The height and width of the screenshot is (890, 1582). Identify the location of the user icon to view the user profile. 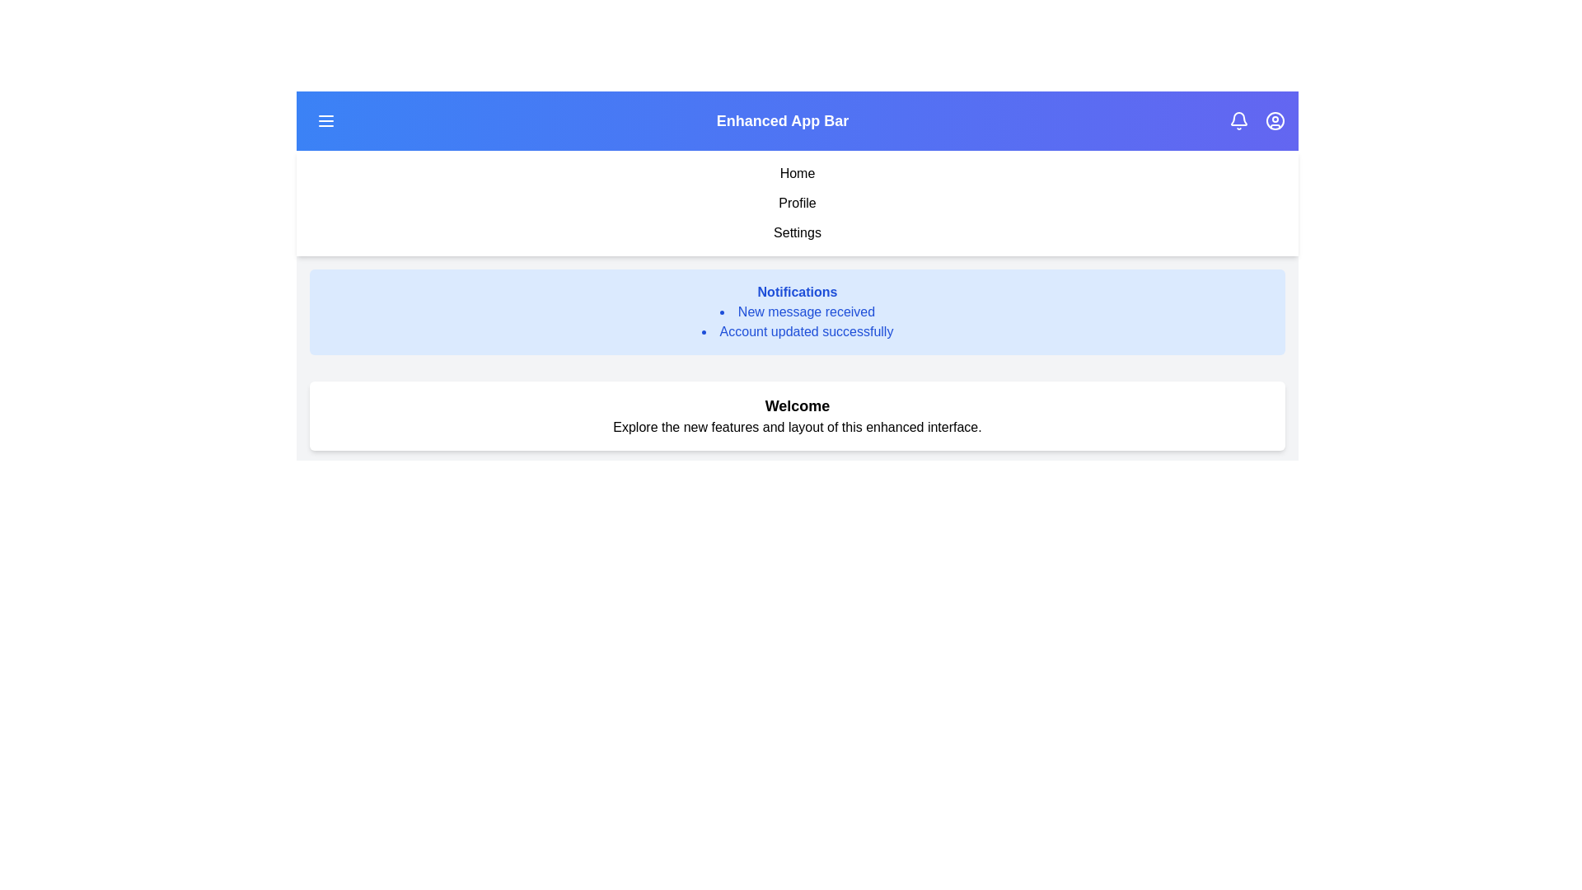
(1274, 119).